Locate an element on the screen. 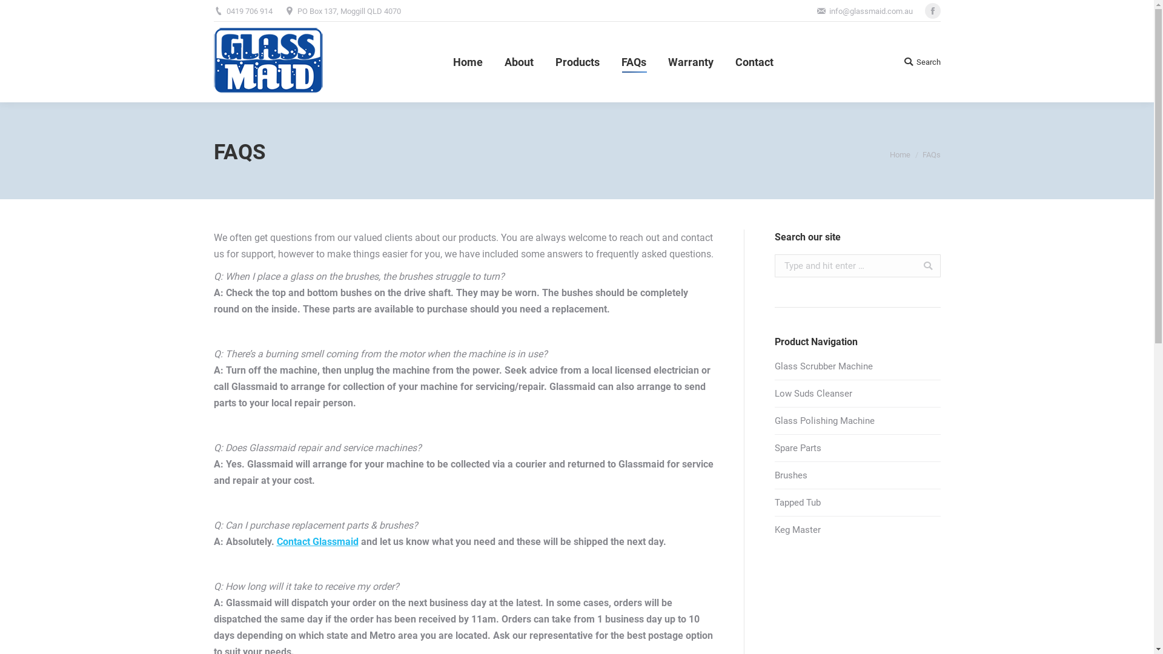  'Home' is located at coordinates (899, 154).